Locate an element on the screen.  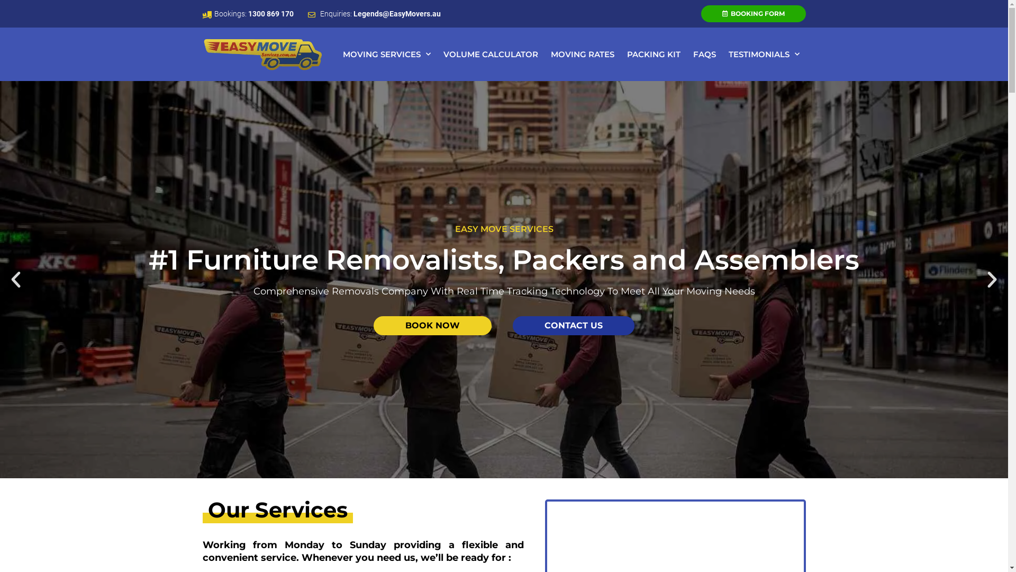
'BOOKING FORM' is located at coordinates (752, 14).